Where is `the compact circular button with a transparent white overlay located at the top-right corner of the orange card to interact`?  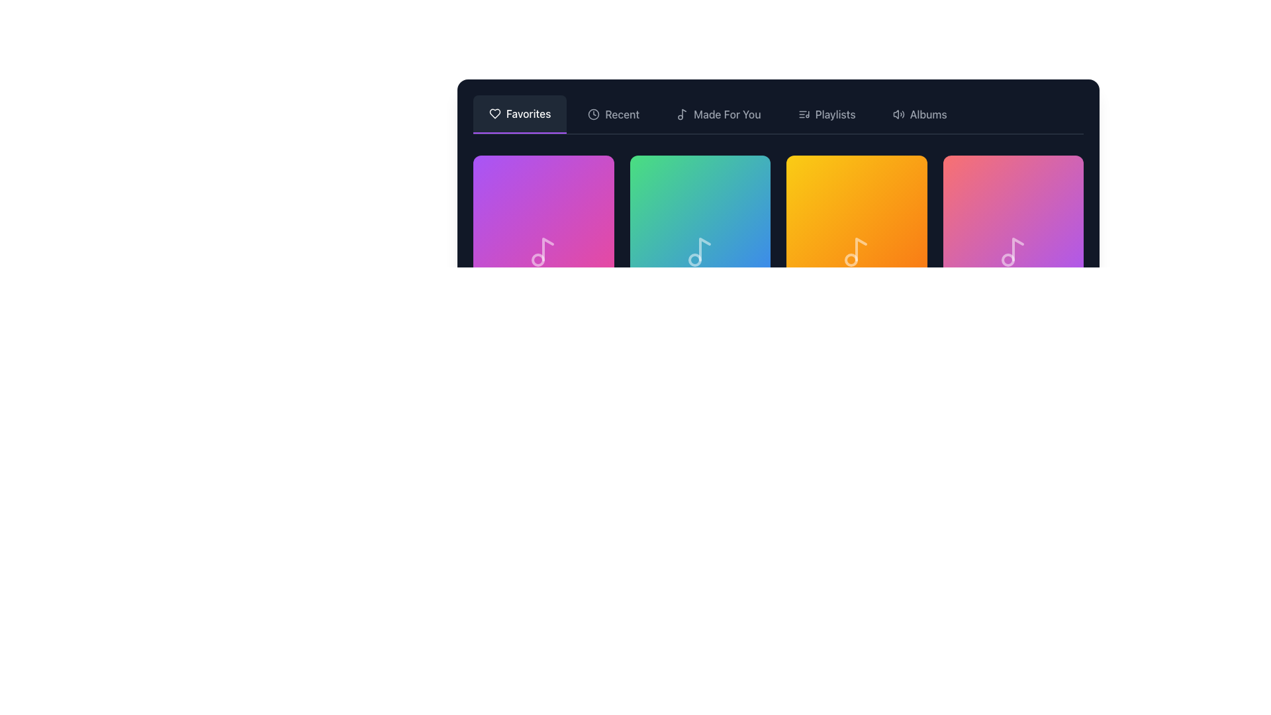 the compact circular button with a transparent white overlay located at the top-right corner of the orange card to interact is located at coordinates (892, 175).